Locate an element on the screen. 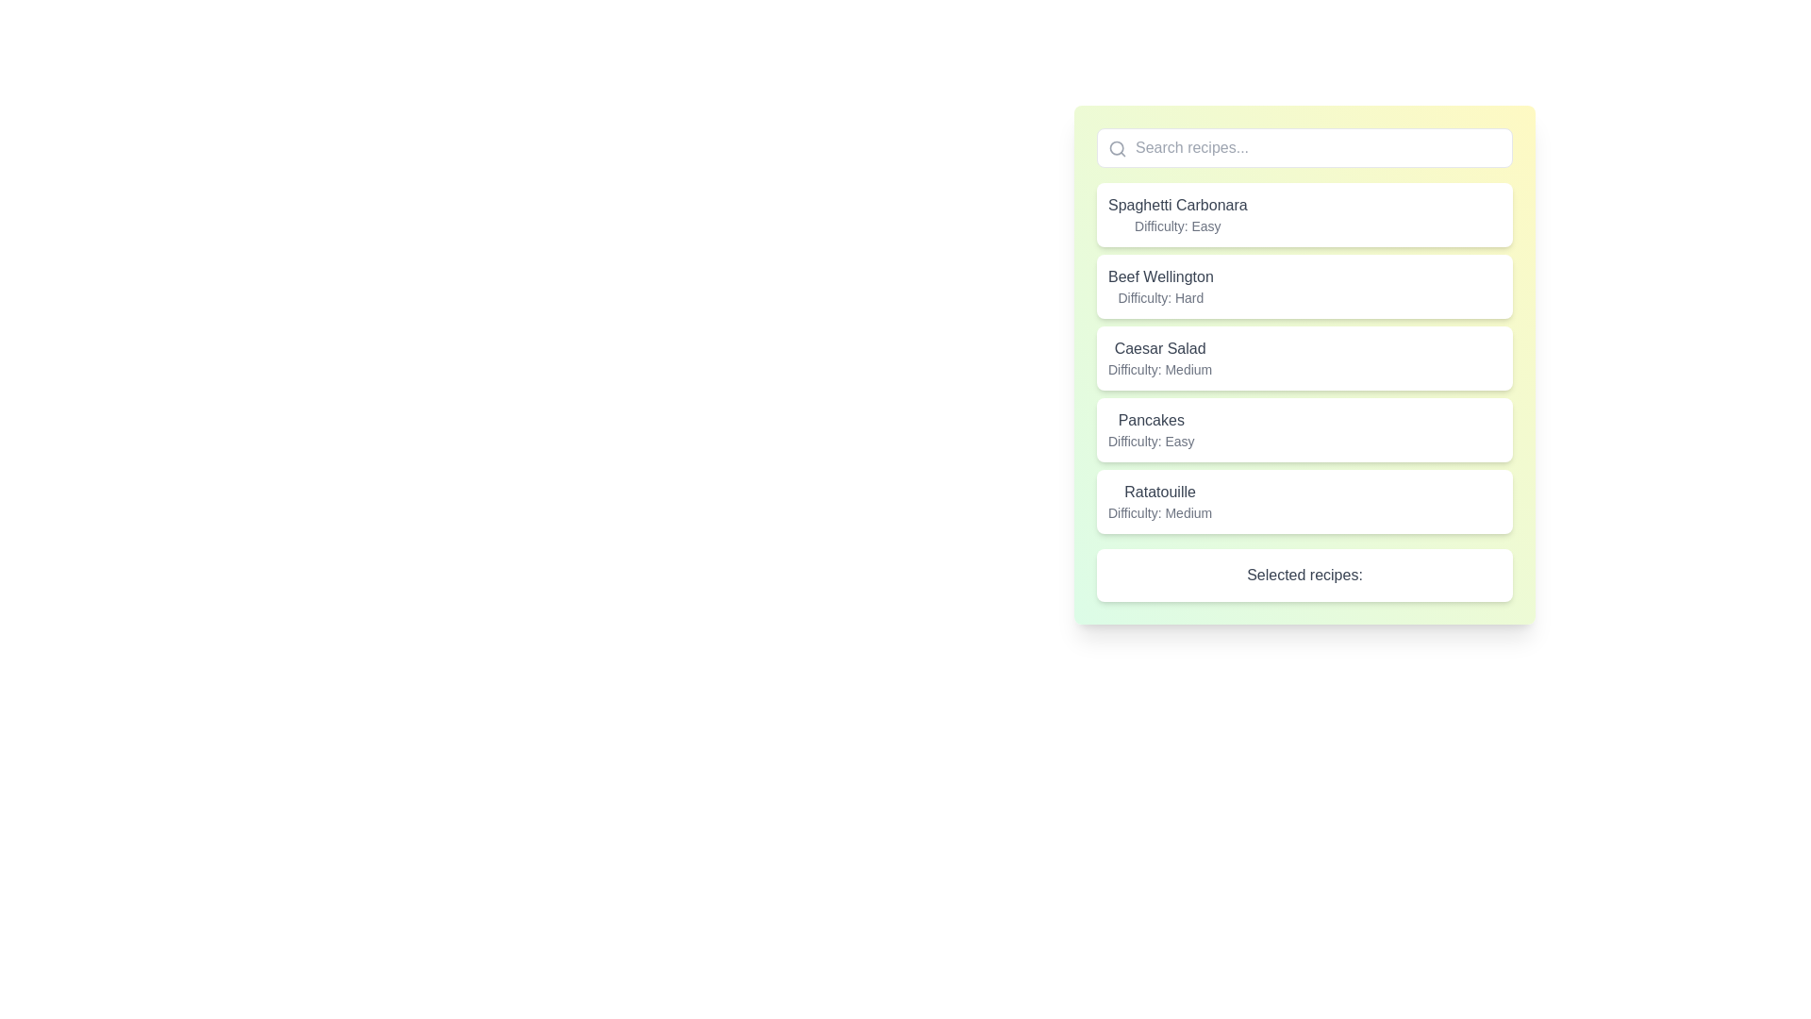 The height and width of the screenshot is (1019, 1811). the text block displaying 'Ratatouille' and 'Difficulty: Medium' is located at coordinates (1159, 501).